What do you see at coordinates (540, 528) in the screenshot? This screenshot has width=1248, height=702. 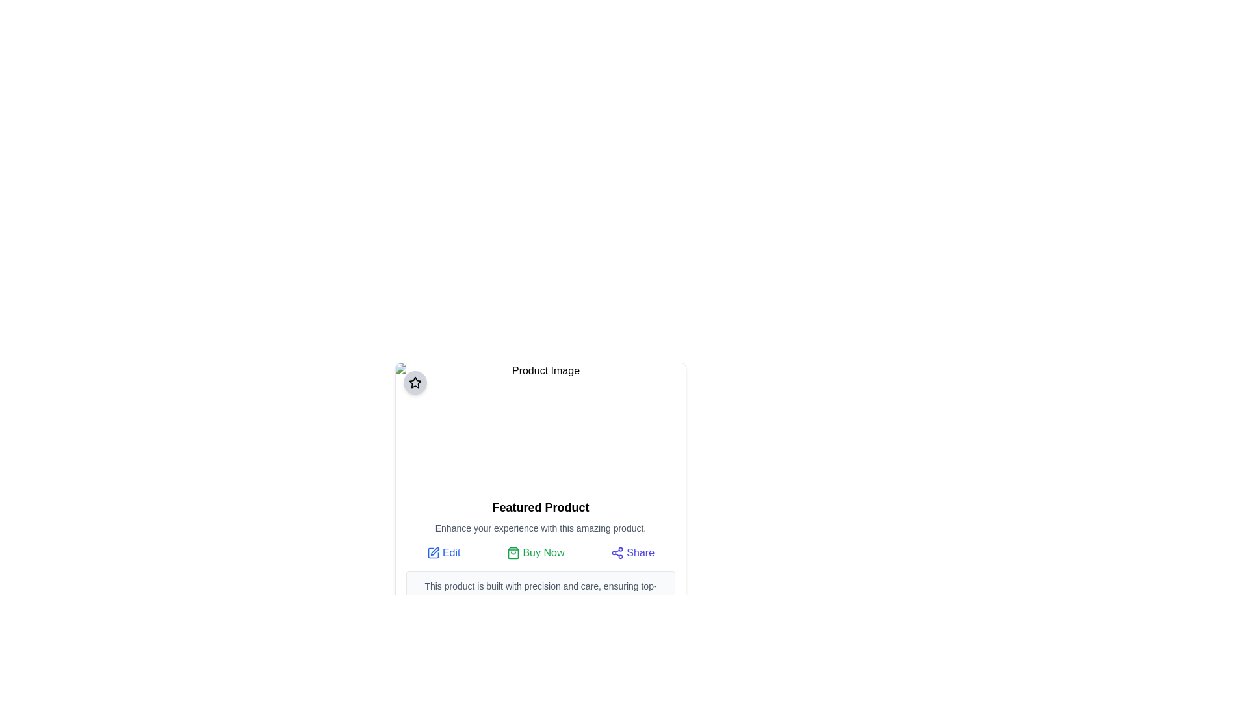 I see `the text block that reads 'Enhance your experience with this amazing product.', which is styled with a small gray font and positioned below the heading 'Featured Product'` at bounding box center [540, 528].